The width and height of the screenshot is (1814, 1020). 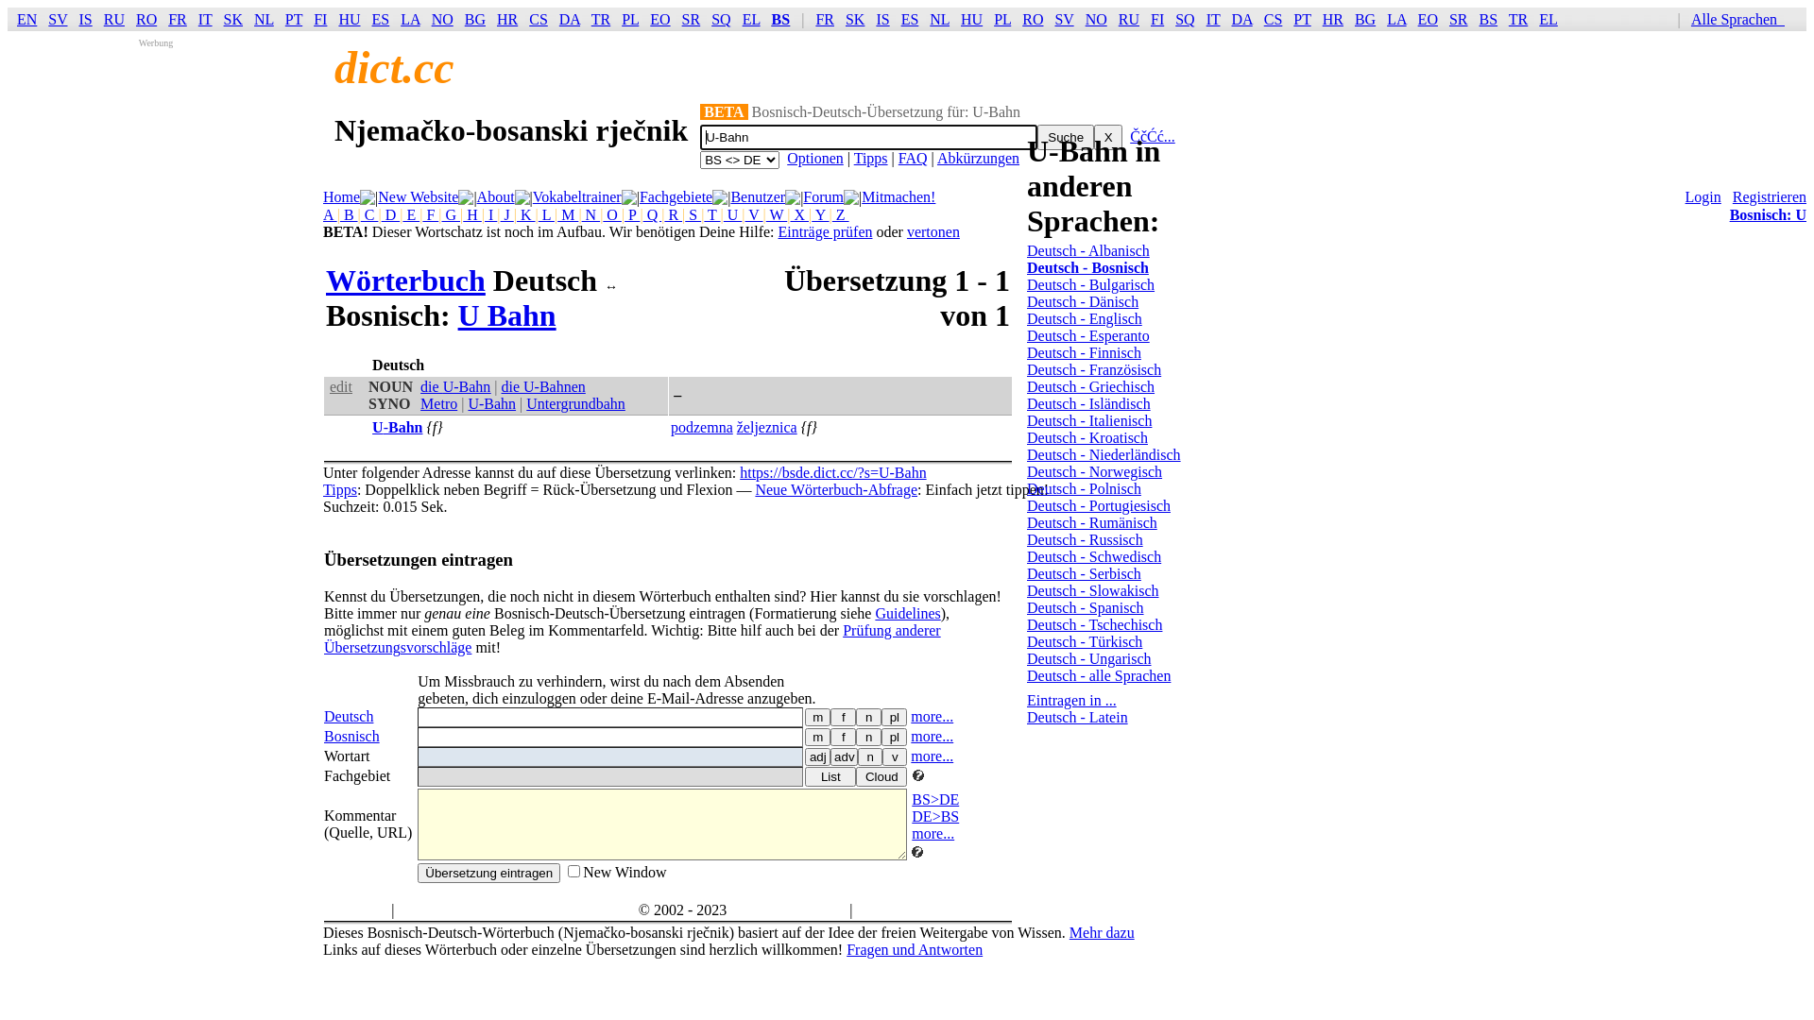 What do you see at coordinates (839, 213) in the screenshot?
I see `'Z'` at bounding box center [839, 213].